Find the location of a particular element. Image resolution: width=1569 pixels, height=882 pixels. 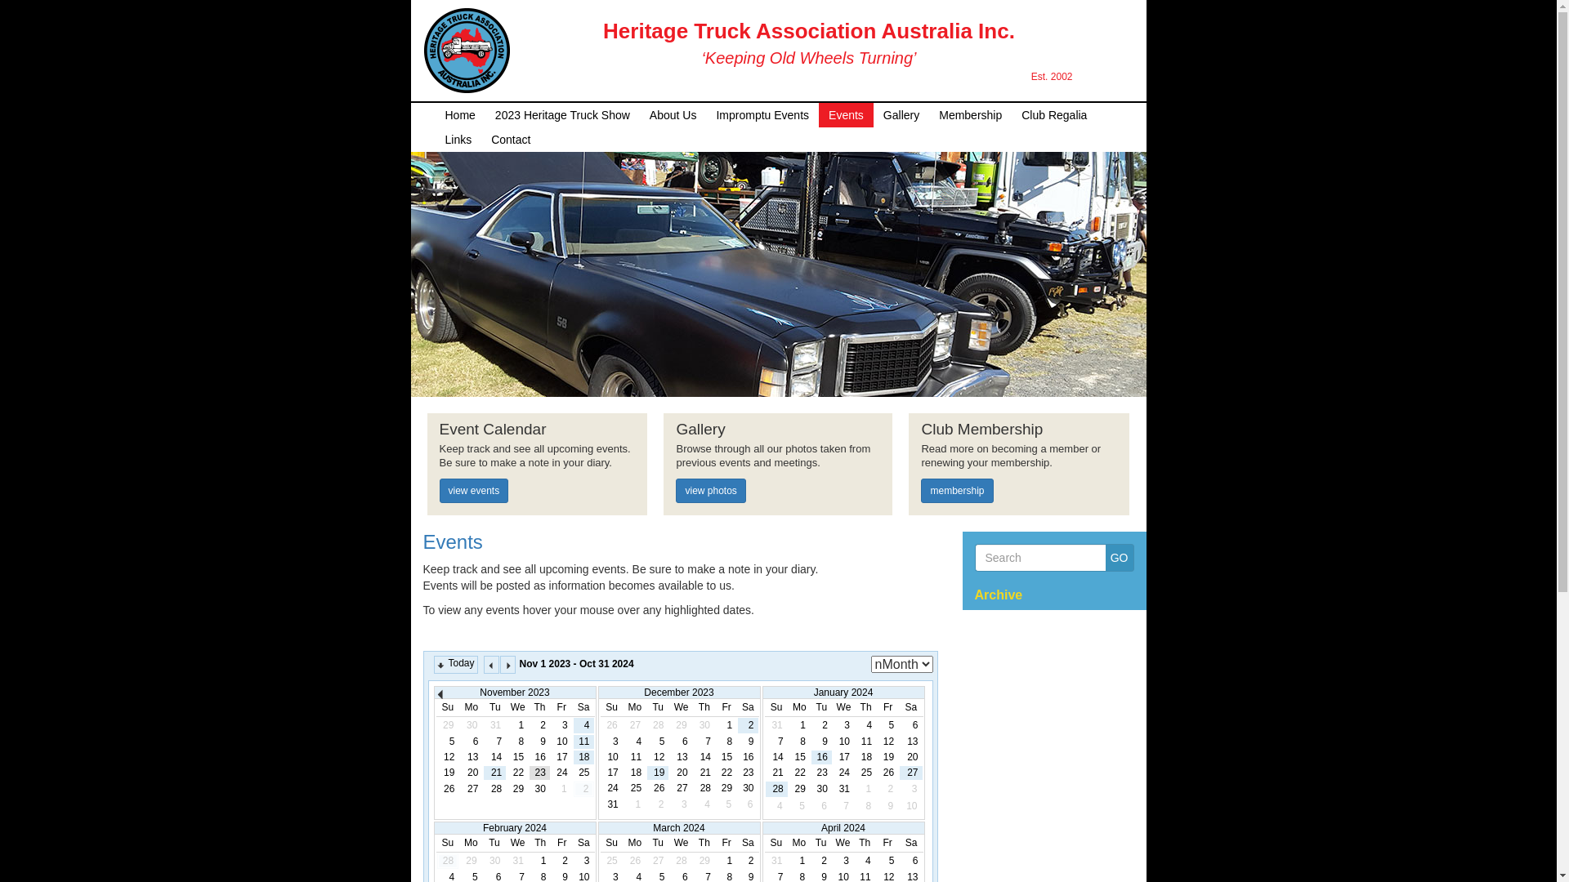

'Prev' is located at coordinates (490, 664).